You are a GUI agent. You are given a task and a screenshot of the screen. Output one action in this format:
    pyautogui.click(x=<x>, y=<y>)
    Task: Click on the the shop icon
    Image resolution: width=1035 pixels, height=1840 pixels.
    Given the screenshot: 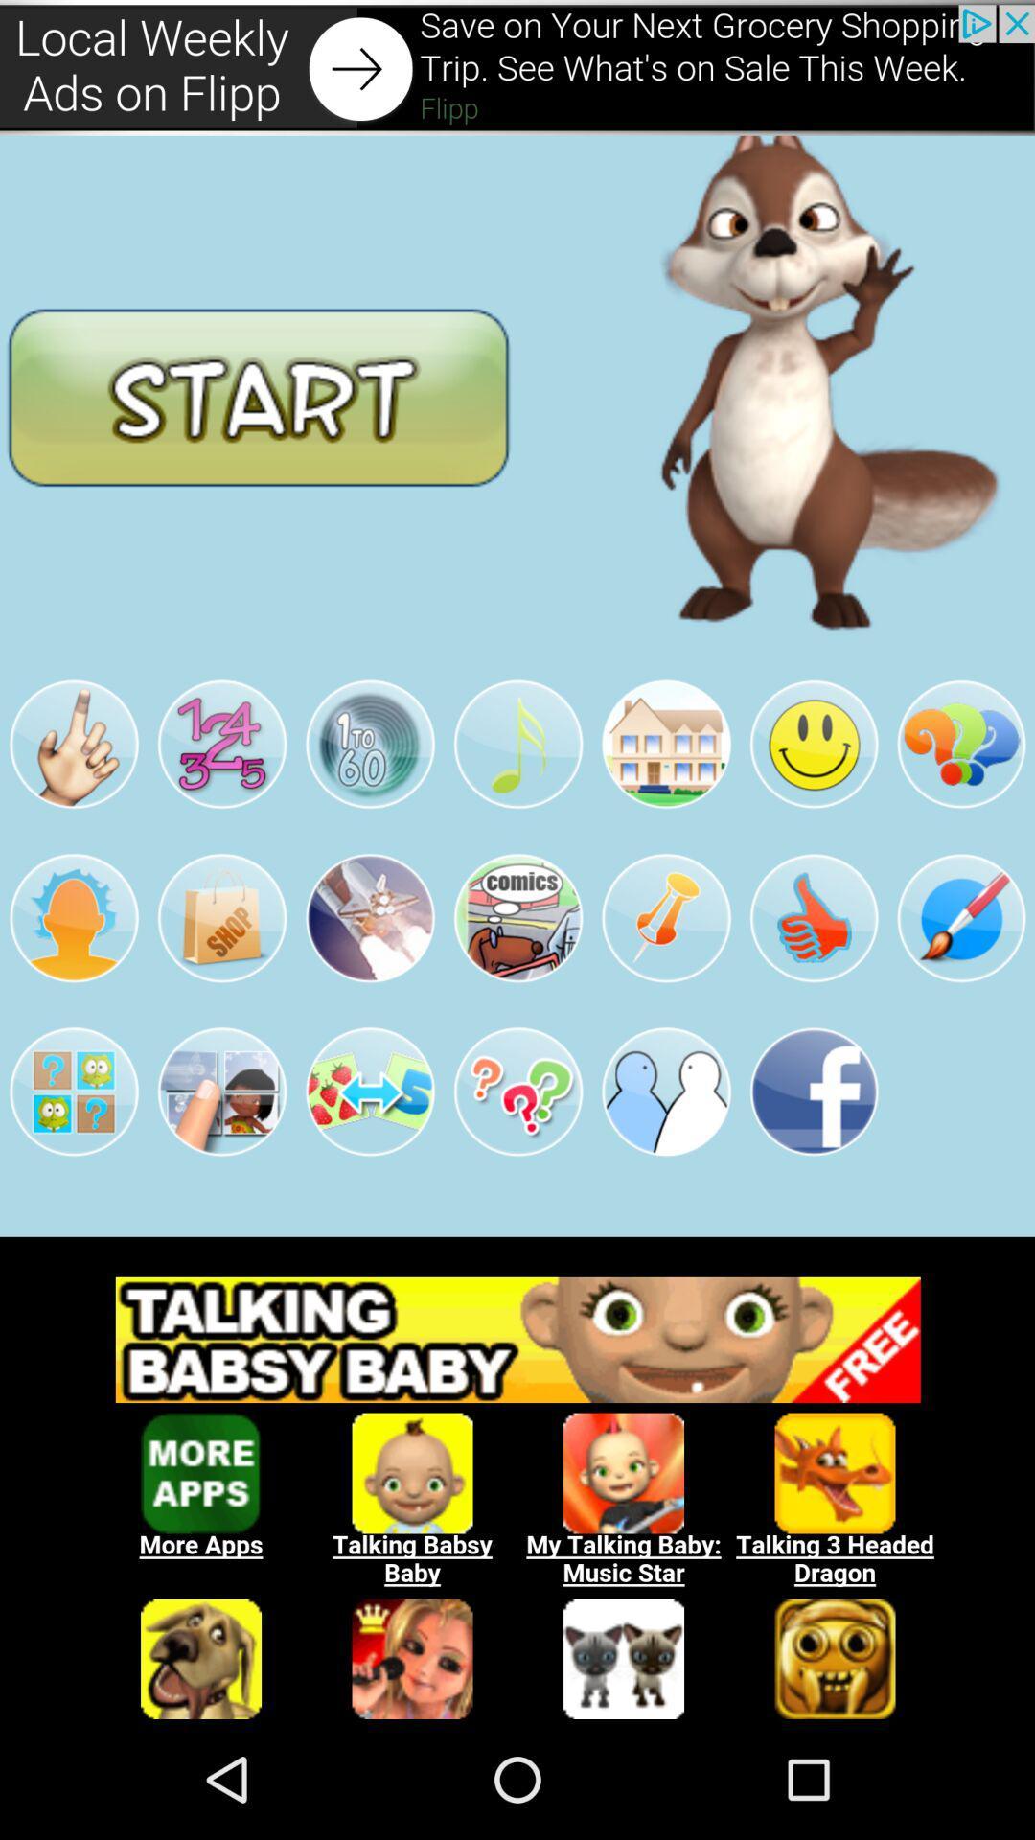 What is the action you would take?
    pyautogui.click(x=220, y=982)
    